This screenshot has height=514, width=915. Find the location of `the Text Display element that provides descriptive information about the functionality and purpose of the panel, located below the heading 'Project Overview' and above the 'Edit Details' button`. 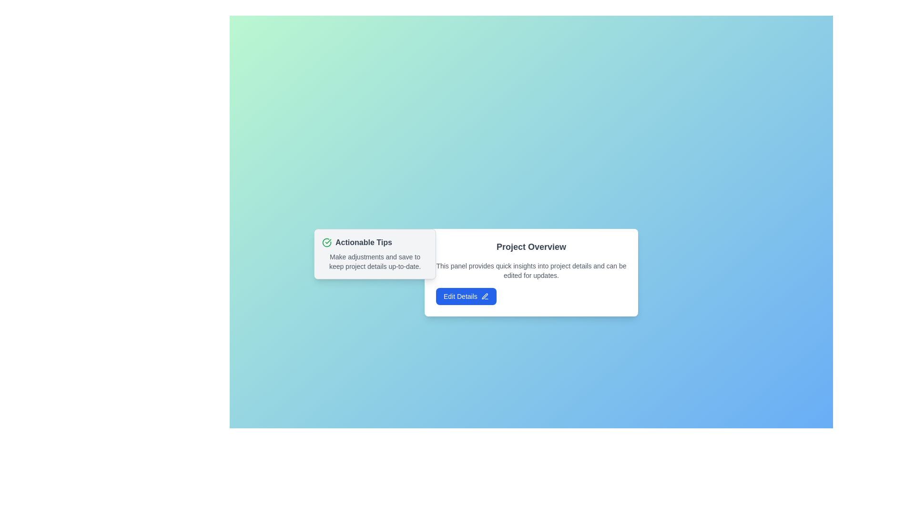

the Text Display element that provides descriptive information about the functionality and purpose of the panel, located below the heading 'Project Overview' and above the 'Edit Details' button is located at coordinates (530, 271).